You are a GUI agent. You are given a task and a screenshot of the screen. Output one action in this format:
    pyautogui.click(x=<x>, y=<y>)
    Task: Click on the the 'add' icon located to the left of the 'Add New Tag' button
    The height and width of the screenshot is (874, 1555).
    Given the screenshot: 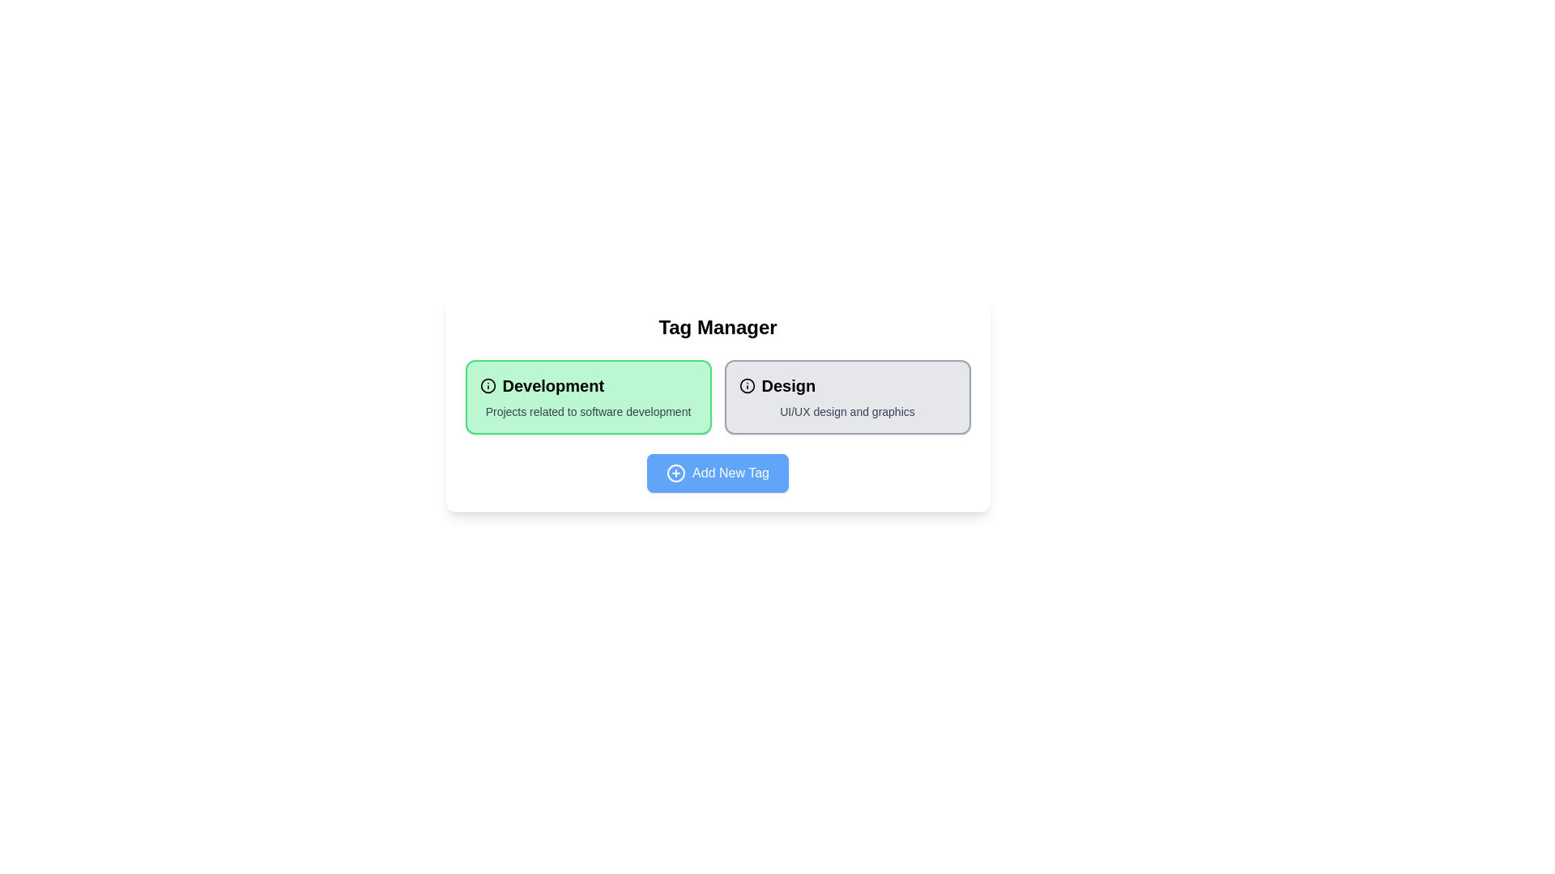 What is the action you would take?
    pyautogui.click(x=676, y=473)
    